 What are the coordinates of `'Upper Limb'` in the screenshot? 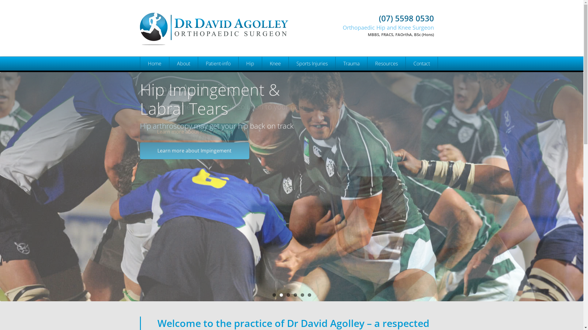 It's located at (351, 77).